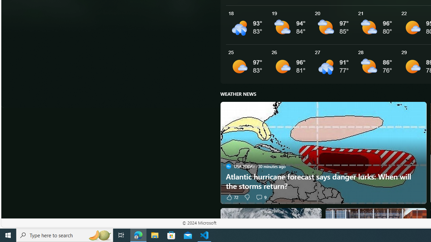 This screenshot has height=242, width=431. Describe the element at coordinates (232, 197) in the screenshot. I see `'72 Like'` at that location.